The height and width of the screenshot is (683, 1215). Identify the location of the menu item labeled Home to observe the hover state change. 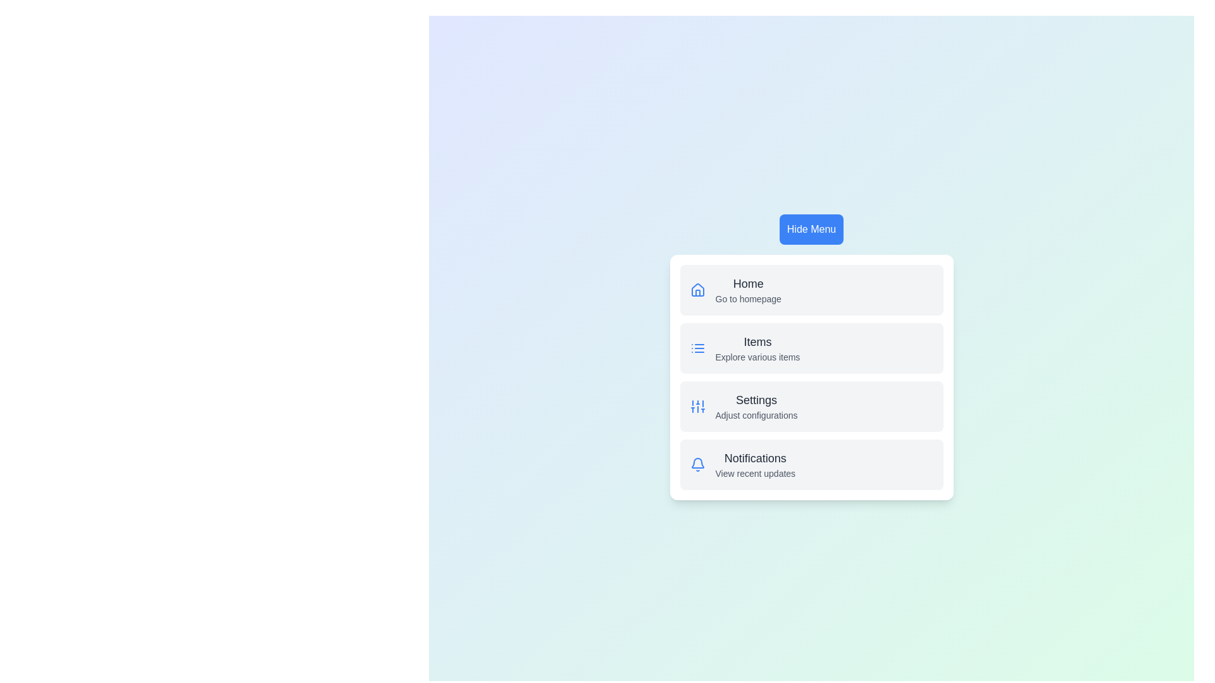
(811, 290).